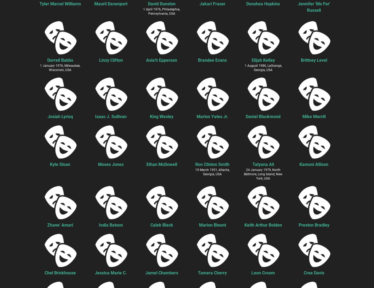  What do you see at coordinates (99, 225) in the screenshot?
I see `'India Batson'` at bounding box center [99, 225].